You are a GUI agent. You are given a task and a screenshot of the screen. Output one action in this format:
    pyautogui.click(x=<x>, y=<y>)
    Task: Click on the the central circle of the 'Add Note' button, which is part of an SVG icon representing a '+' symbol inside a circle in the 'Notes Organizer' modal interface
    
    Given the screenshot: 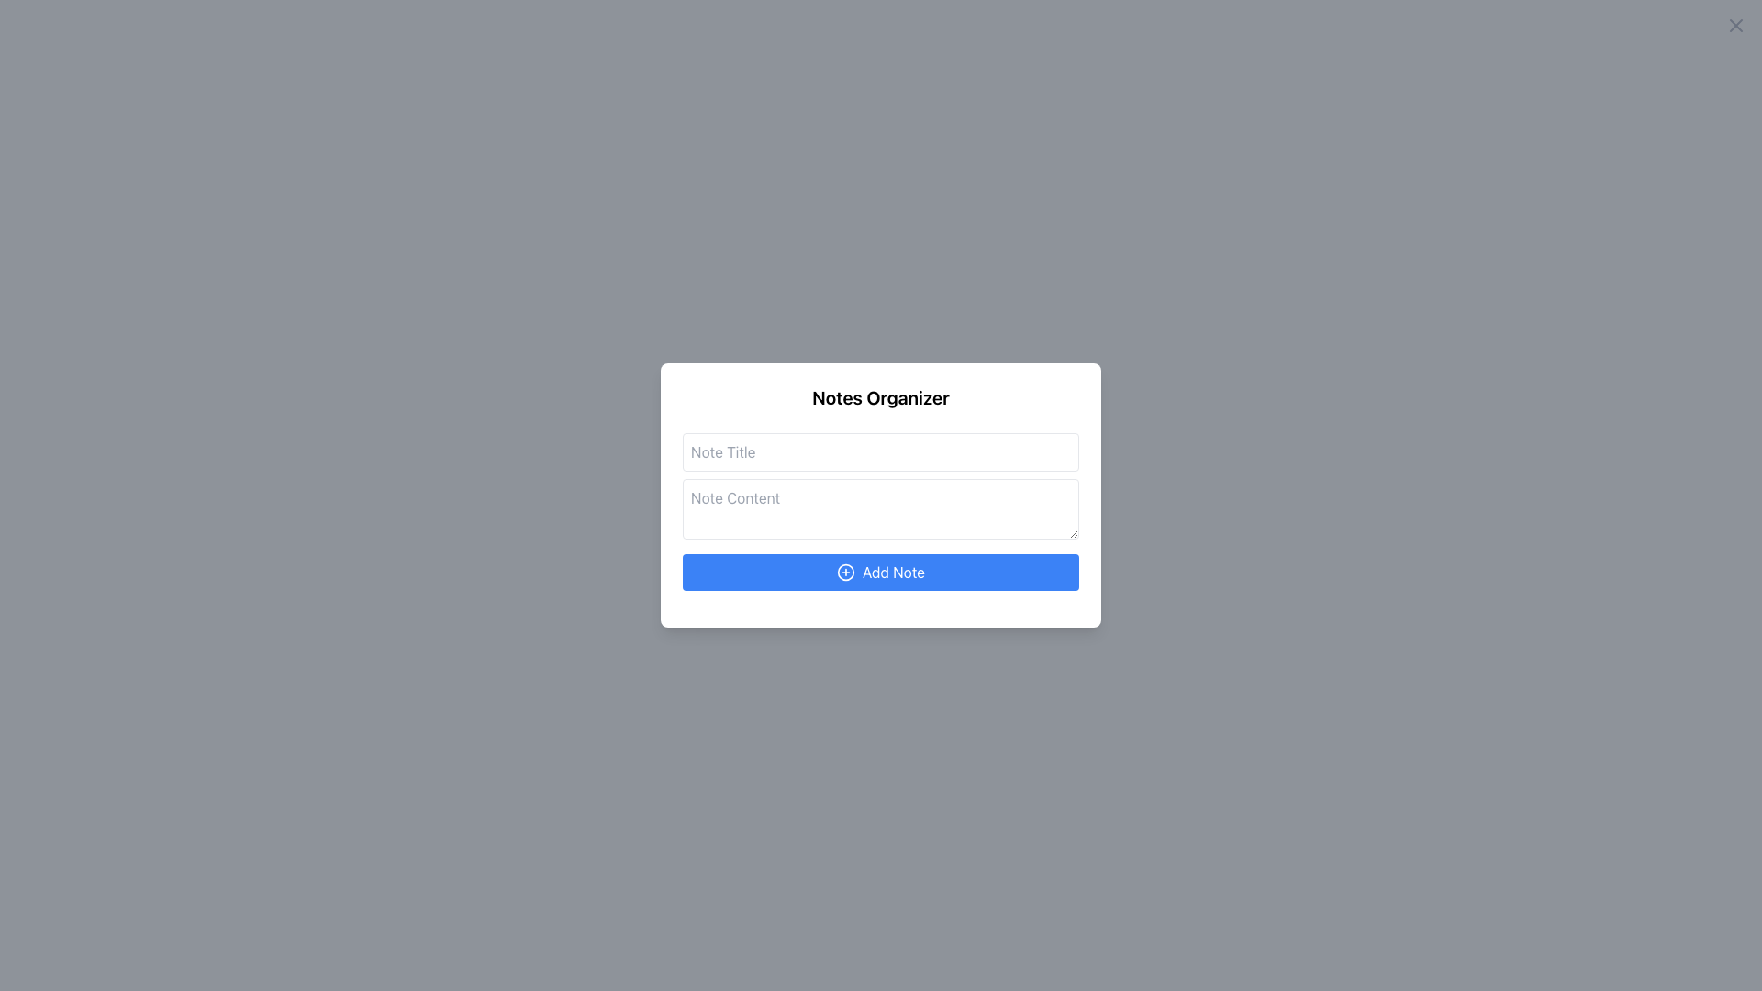 What is the action you would take?
    pyautogui.click(x=844, y=572)
    